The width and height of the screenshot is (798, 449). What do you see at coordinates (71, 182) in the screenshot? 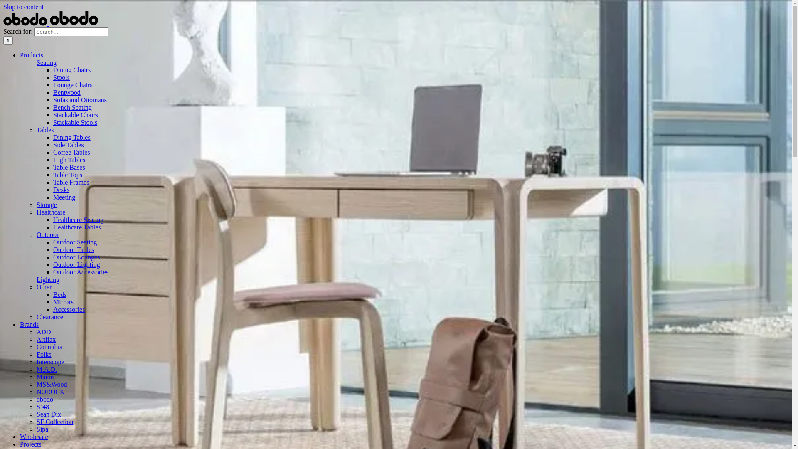
I see `'Table Frames'` at bounding box center [71, 182].